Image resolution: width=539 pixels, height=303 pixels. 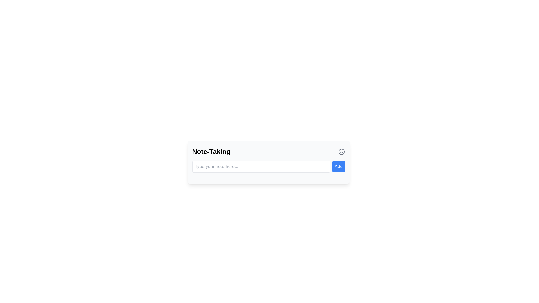 What do you see at coordinates (338, 166) in the screenshot?
I see `the rectangular blue button labeled 'Add' located to the right of the text input field in the note-taking interface` at bounding box center [338, 166].